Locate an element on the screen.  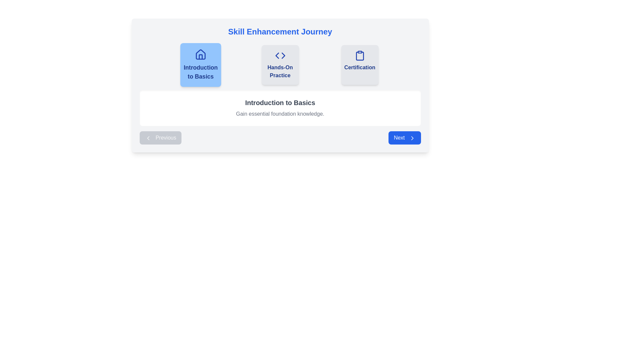
the small graphical house icon within the blue-tinted card titled 'Introduction to Basics' located in the top-left quadrant of the interface is located at coordinates (200, 56).